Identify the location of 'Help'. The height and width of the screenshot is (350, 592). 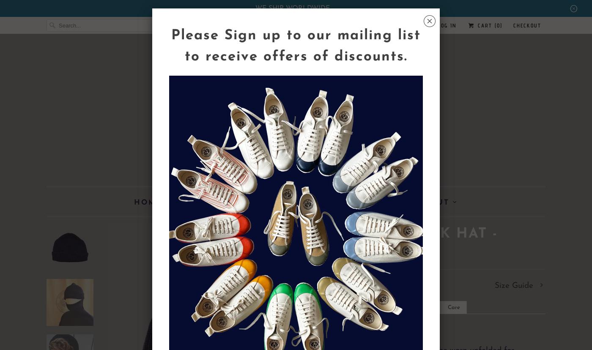
(376, 202).